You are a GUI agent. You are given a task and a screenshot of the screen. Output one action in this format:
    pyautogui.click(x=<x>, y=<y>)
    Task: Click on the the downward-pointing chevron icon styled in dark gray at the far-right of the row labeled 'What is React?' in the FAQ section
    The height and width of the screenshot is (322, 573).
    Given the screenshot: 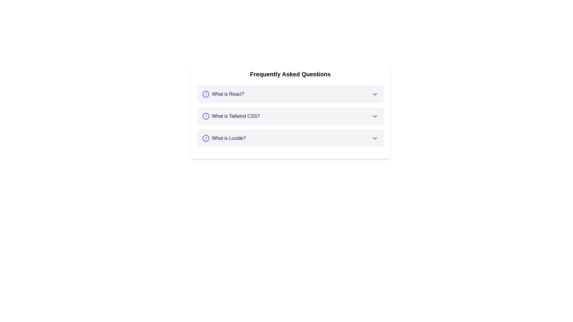 What is the action you would take?
    pyautogui.click(x=375, y=94)
    